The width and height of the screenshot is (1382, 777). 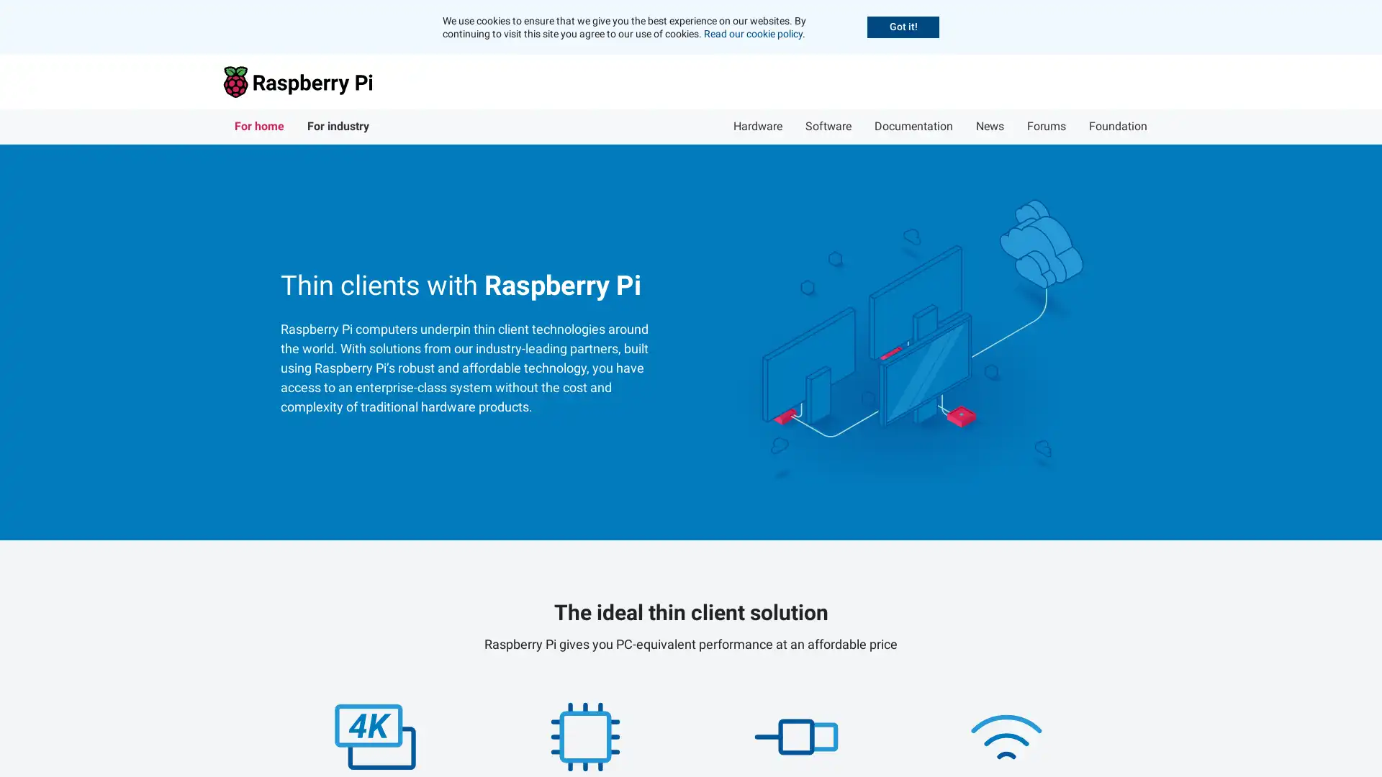 What do you see at coordinates (902, 27) in the screenshot?
I see `Accept cookies` at bounding box center [902, 27].